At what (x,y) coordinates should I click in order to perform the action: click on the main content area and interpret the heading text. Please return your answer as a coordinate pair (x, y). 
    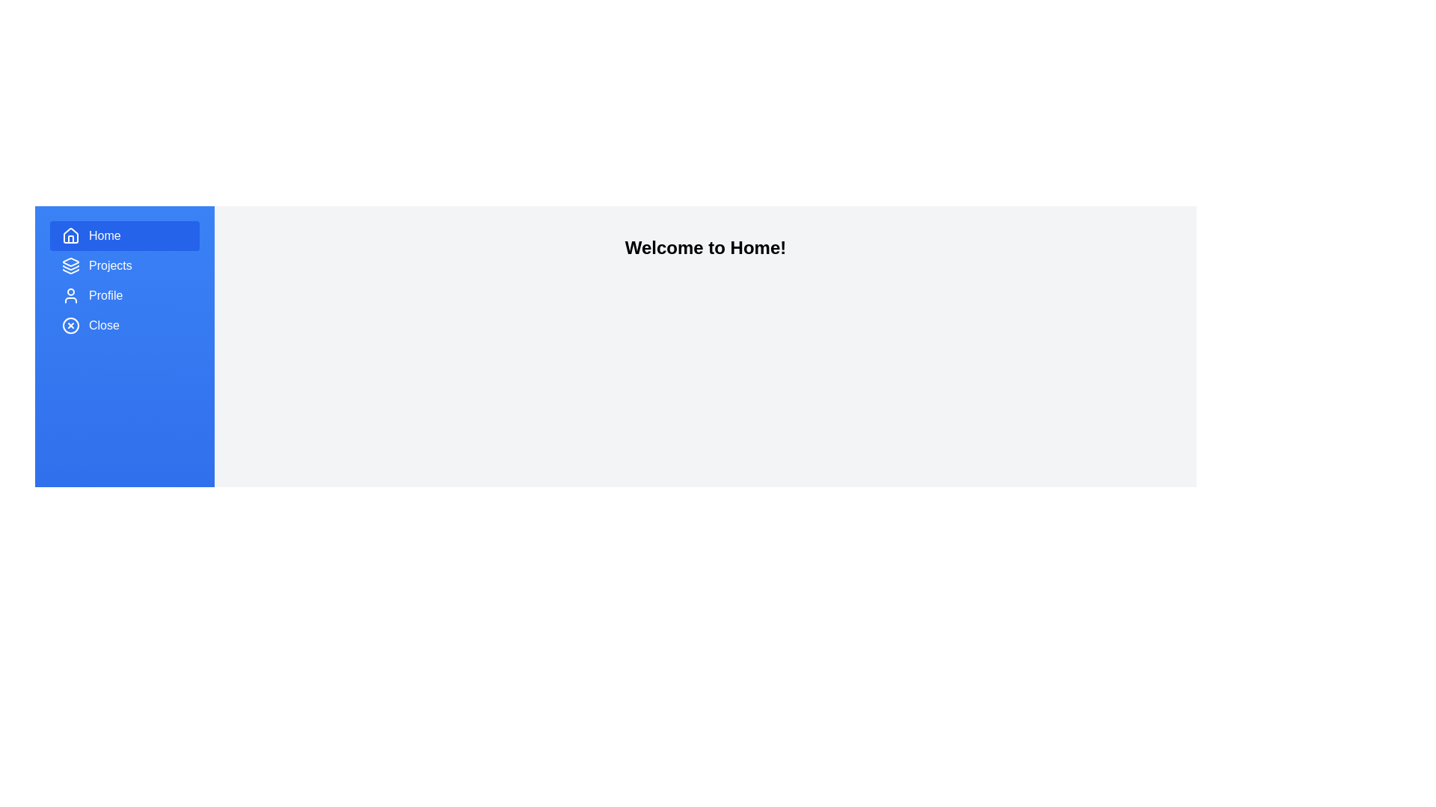
    Looking at the image, I should click on (705, 247).